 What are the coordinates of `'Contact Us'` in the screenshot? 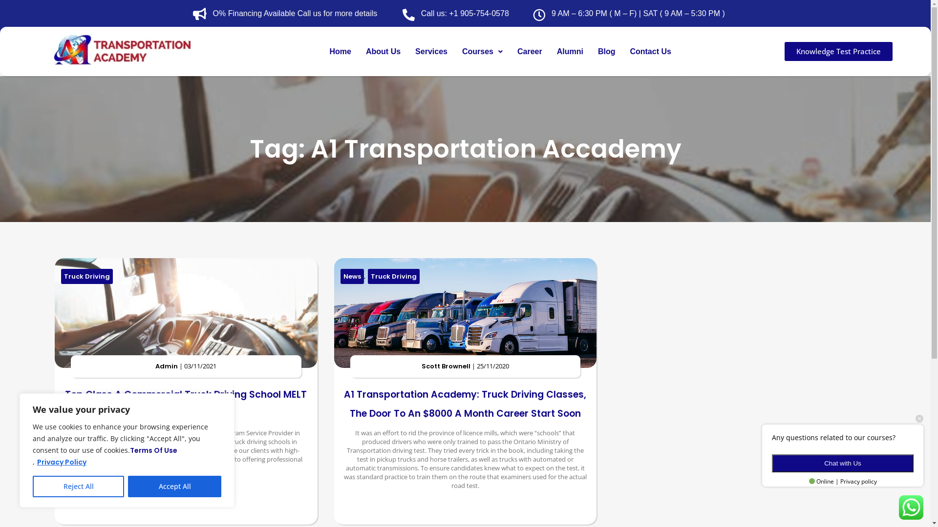 It's located at (650, 51).